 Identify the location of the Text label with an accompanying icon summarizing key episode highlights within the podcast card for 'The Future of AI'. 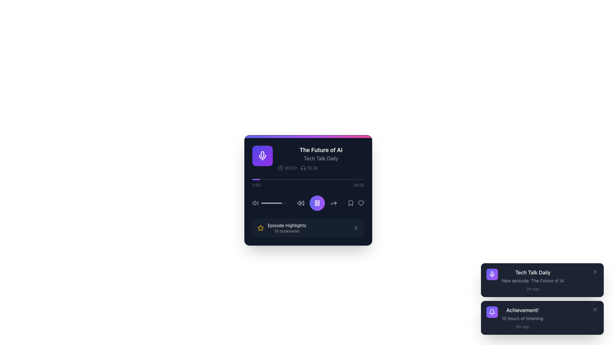
(281, 227).